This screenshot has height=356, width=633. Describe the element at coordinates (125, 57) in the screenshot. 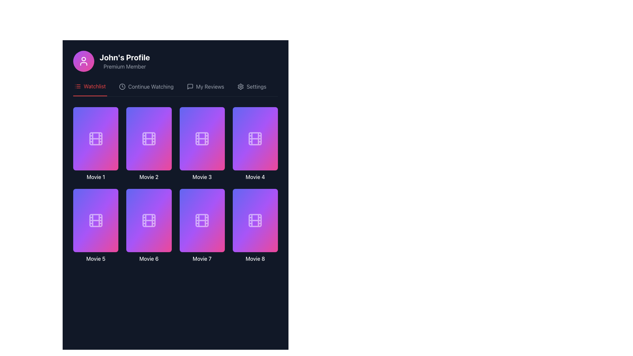

I see `the Text label that serves as a heading or title for the profile or account section, located at the upper left of the interface above the 'Premium Member' text` at that location.